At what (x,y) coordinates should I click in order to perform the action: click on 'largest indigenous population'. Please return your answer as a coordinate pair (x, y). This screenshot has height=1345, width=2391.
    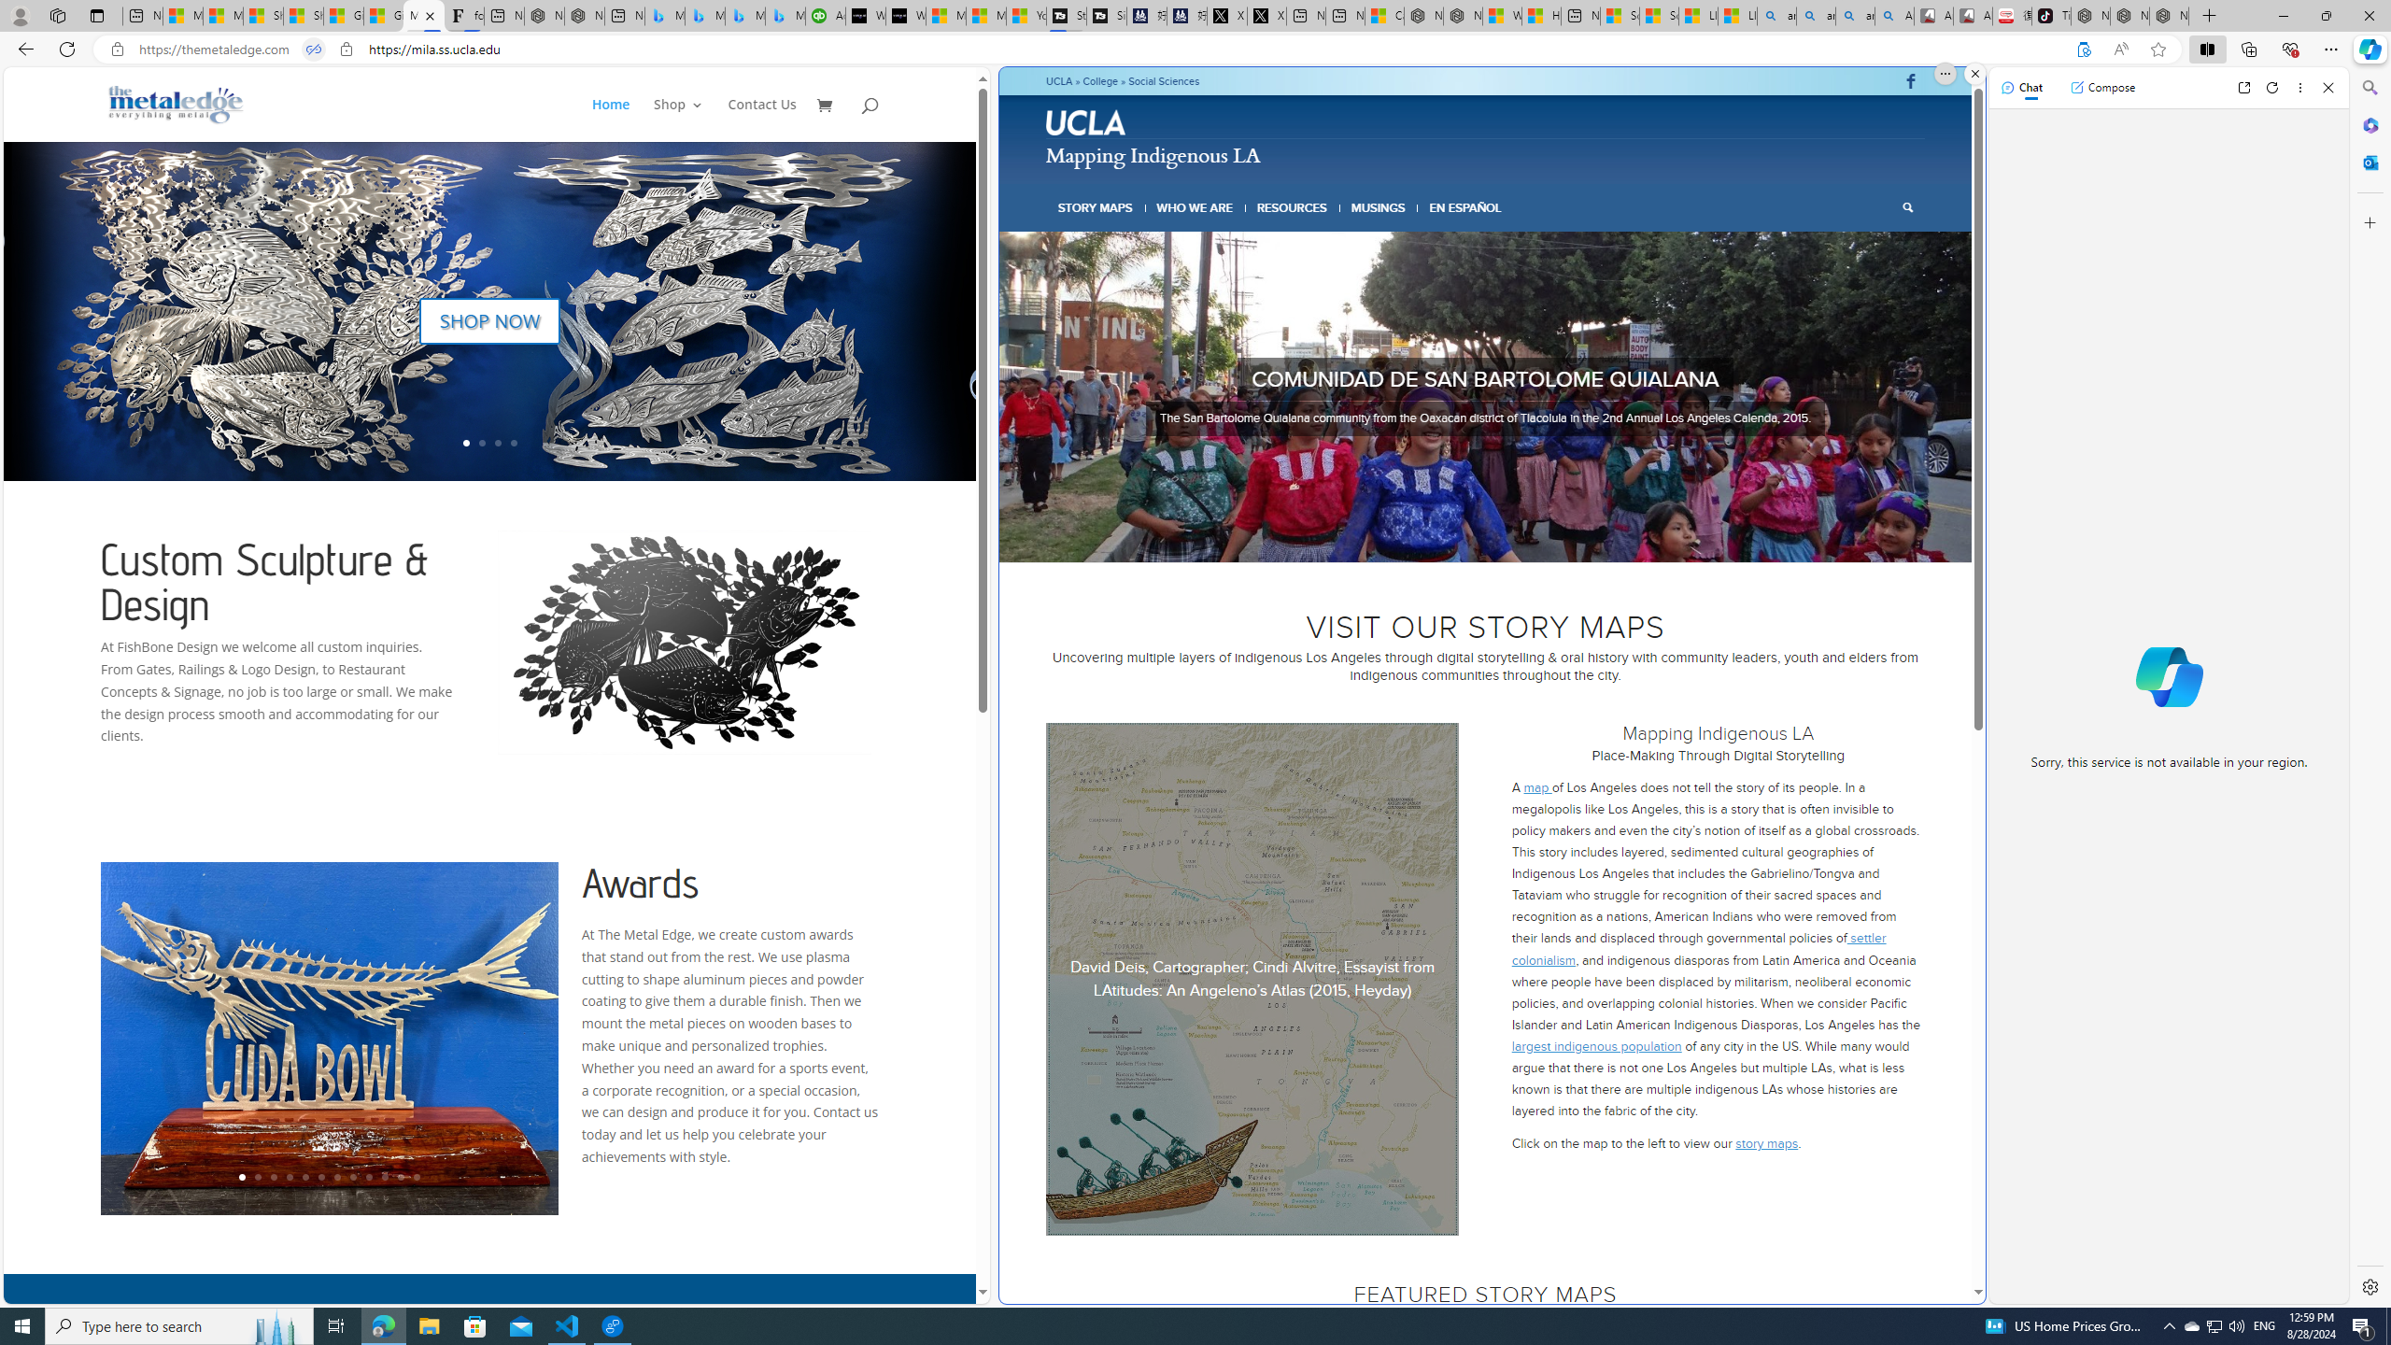
    Looking at the image, I should click on (1596, 1044).